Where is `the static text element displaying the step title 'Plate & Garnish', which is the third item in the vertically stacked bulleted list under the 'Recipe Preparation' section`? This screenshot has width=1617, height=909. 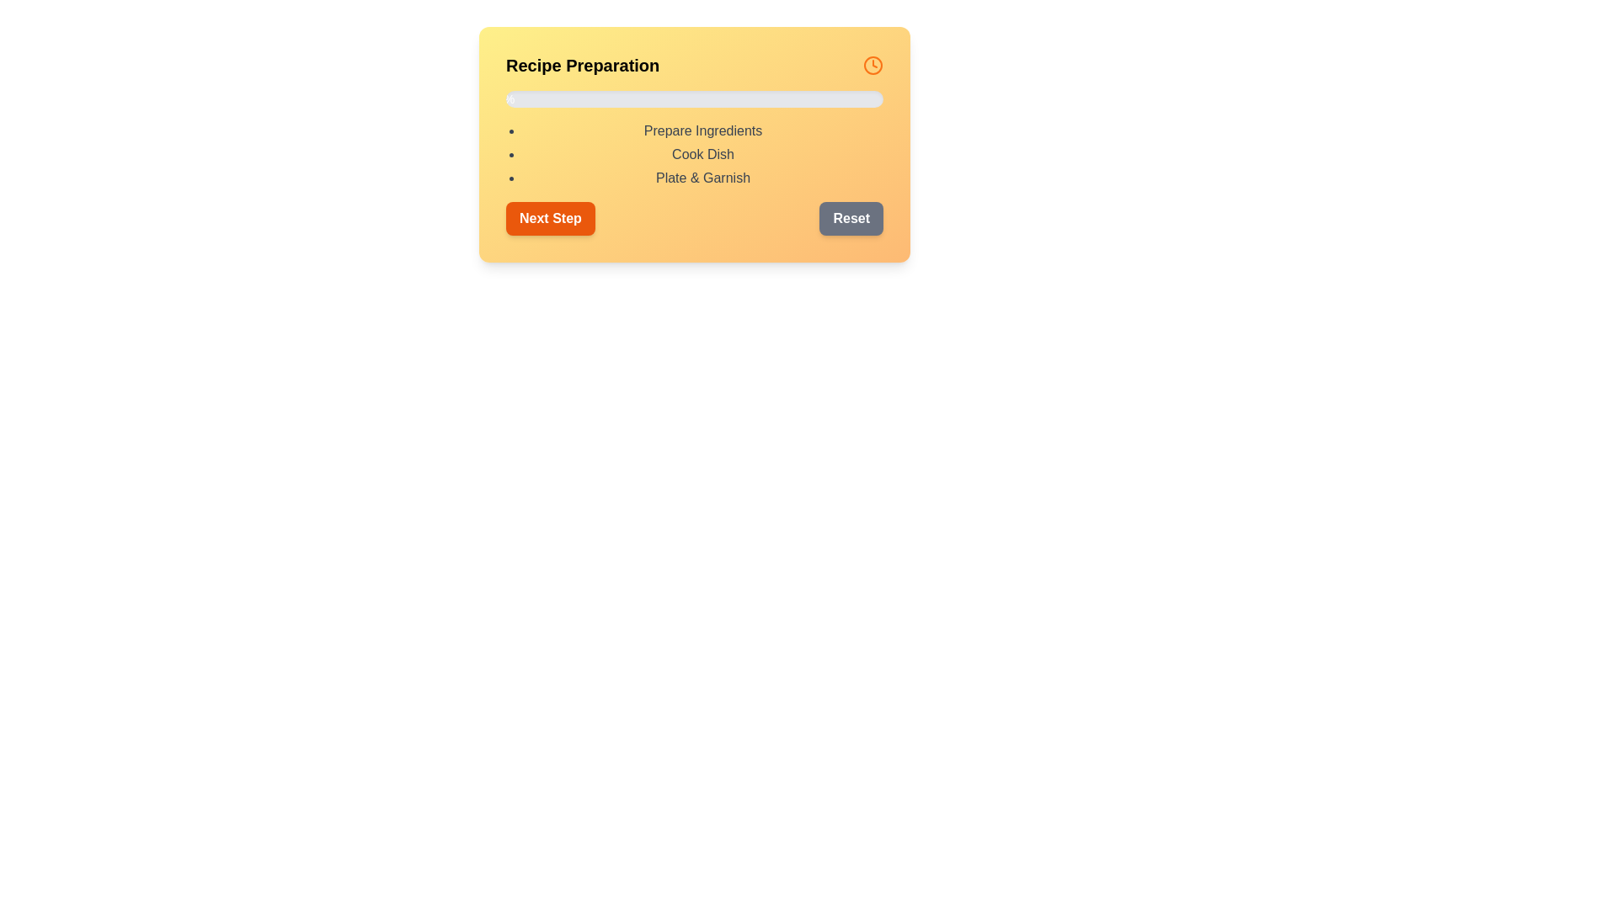
the static text element displaying the step title 'Plate & Garnish', which is the third item in the vertically stacked bulleted list under the 'Recipe Preparation' section is located at coordinates (703, 178).